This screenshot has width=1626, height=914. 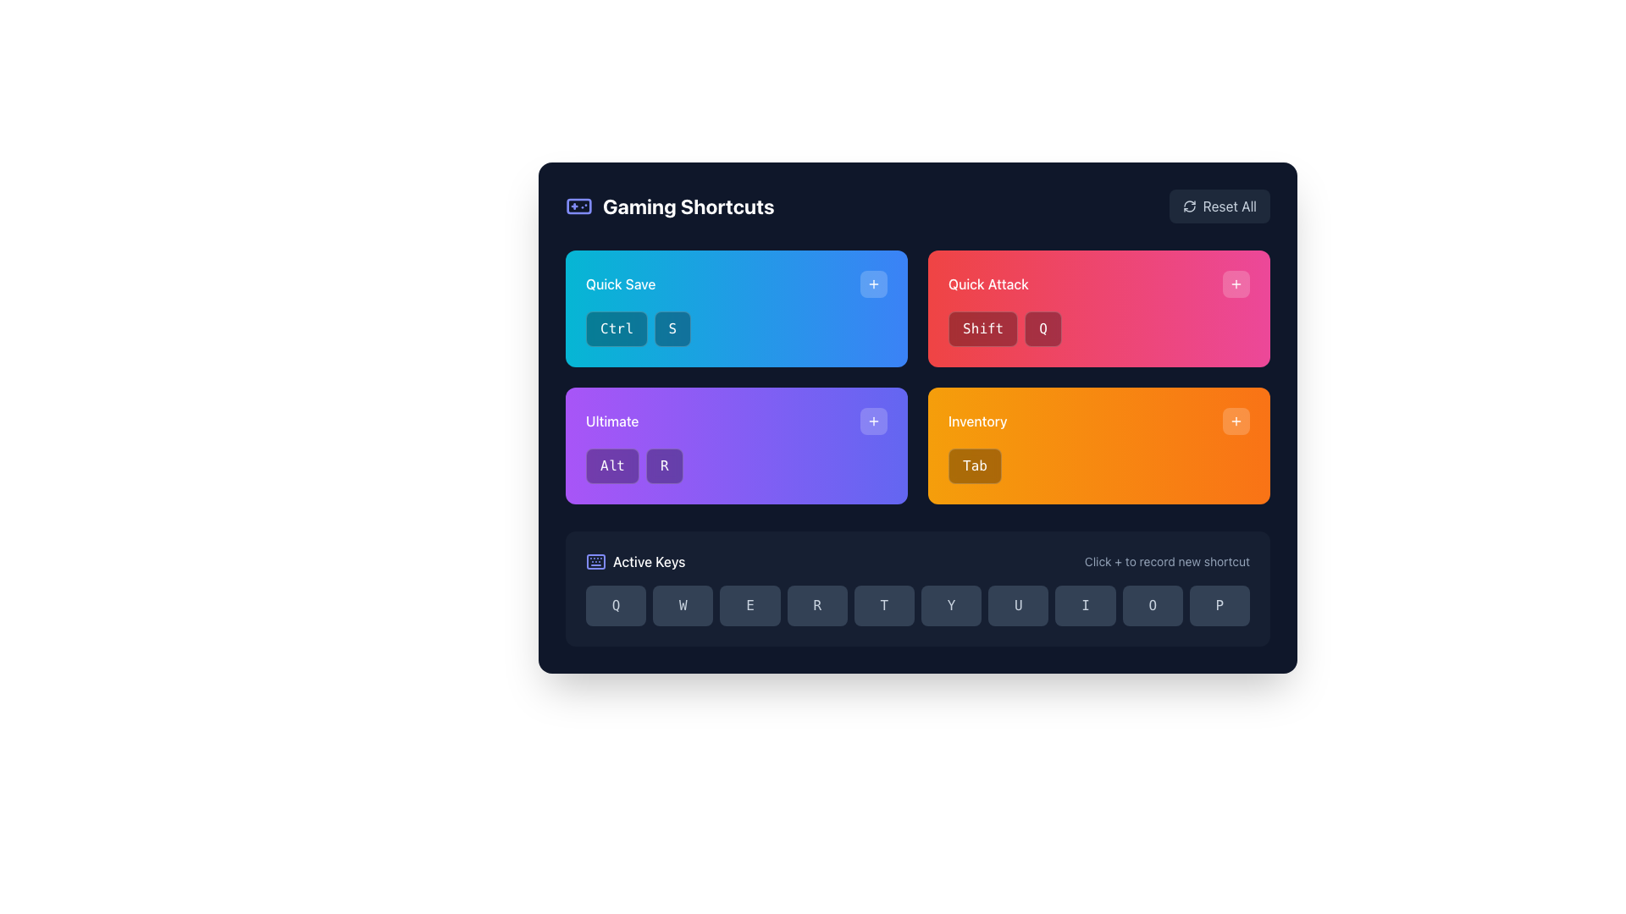 I want to click on the button representing the key 'T', which is located under the heading 'Active Keys' and positioned between the buttons labeled 'R' and 'Y', so click(x=883, y=605).